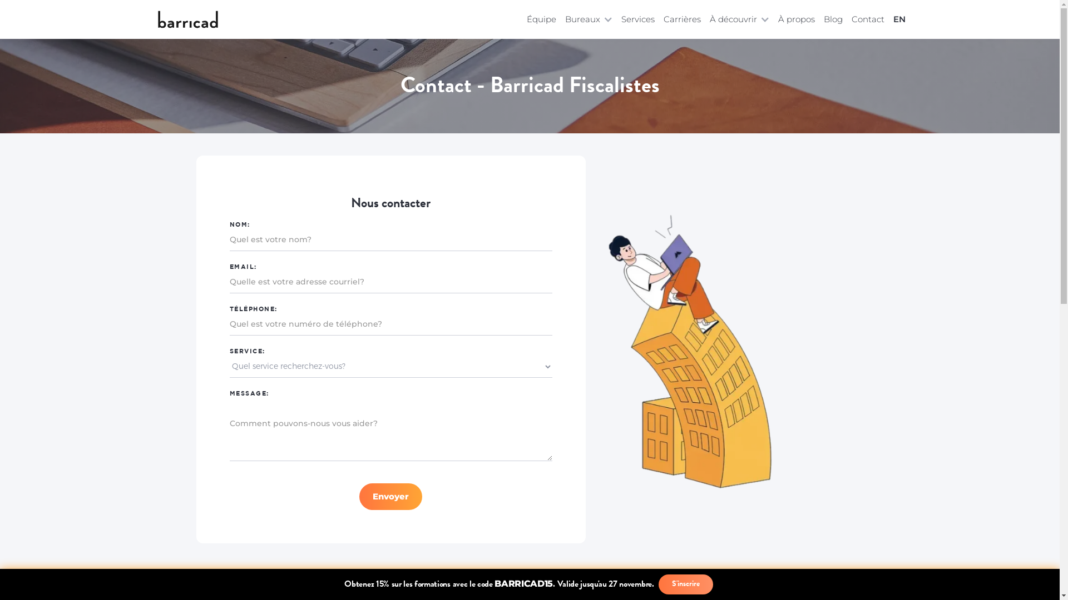 The height and width of the screenshot is (600, 1068). Describe the element at coordinates (390, 496) in the screenshot. I see `'Envoyer'` at that location.